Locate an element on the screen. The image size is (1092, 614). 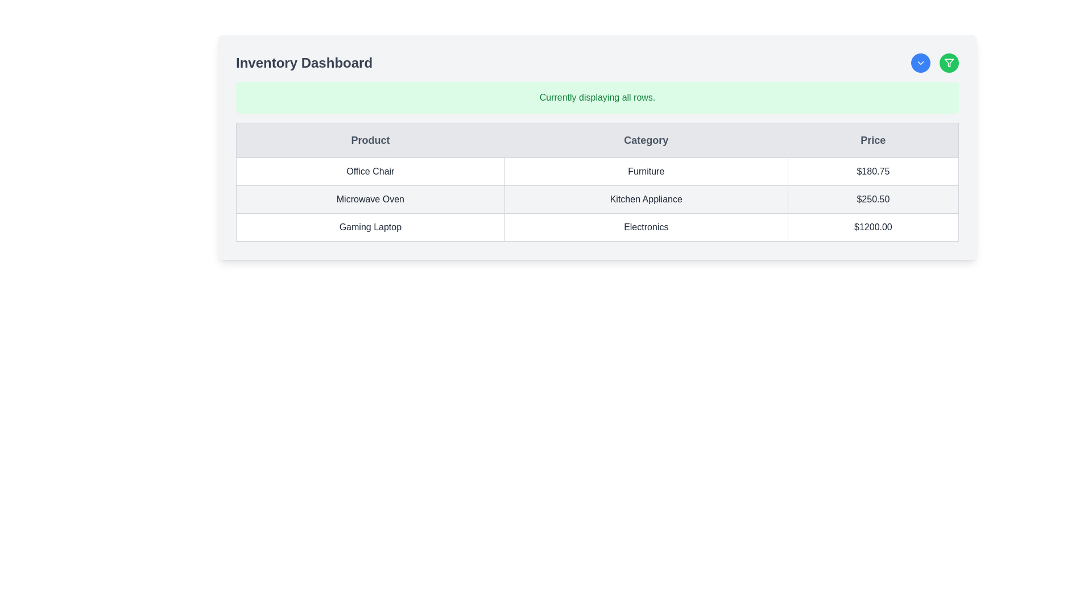
the filter icon button, which is a triangular funnel with a green circular background, located at the top-right corner of the interface within the light gray header bar is located at coordinates (949, 63).